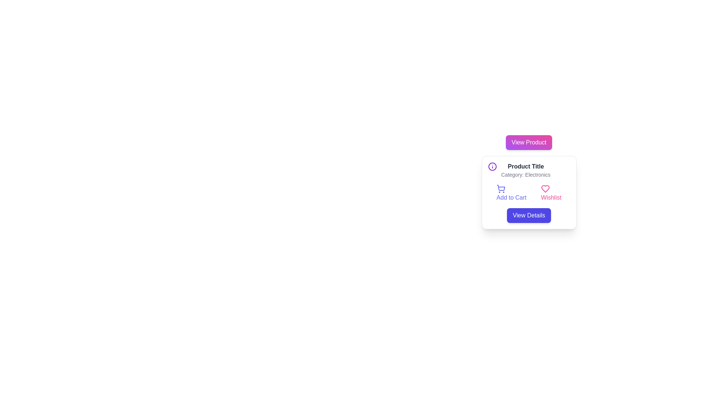 This screenshot has width=711, height=400. What do you see at coordinates (528, 143) in the screenshot?
I see `the call-to-action button located near the top of the product information section to observe its hover effects` at bounding box center [528, 143].